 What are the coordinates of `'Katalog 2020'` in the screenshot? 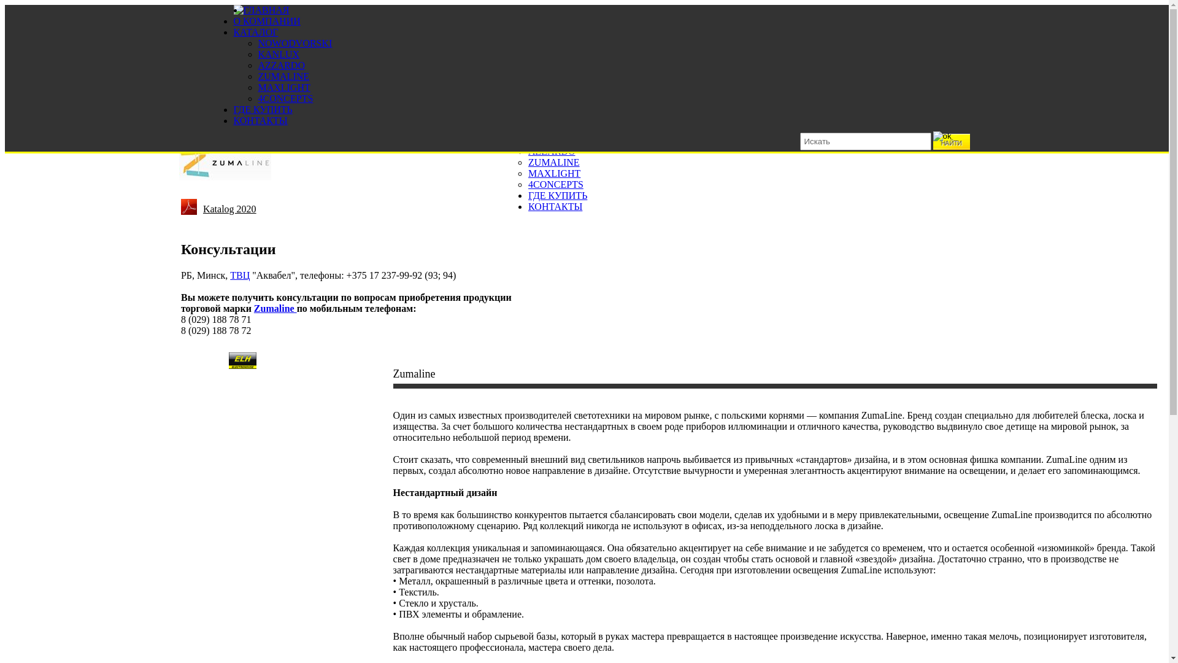 It's located at (229, 206).